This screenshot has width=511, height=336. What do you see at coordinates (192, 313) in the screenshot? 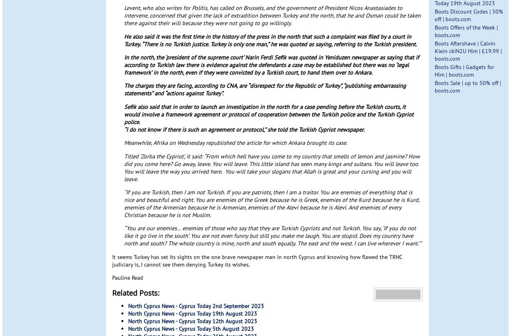
I see `'North Cyprus News - Cyprus Today 19th August 2023'` at bounding box center [192, 313].